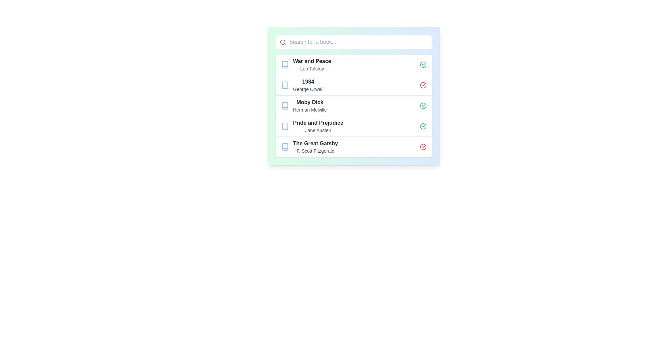 This screenshot has width=647, height=364. What do you see at coordinates (285, 146) in the screenshot?
I see `the icon representing the book titled 'The Great Gatsby' located at the beginning of the last row in the list view` at bounding box center [285, 146].